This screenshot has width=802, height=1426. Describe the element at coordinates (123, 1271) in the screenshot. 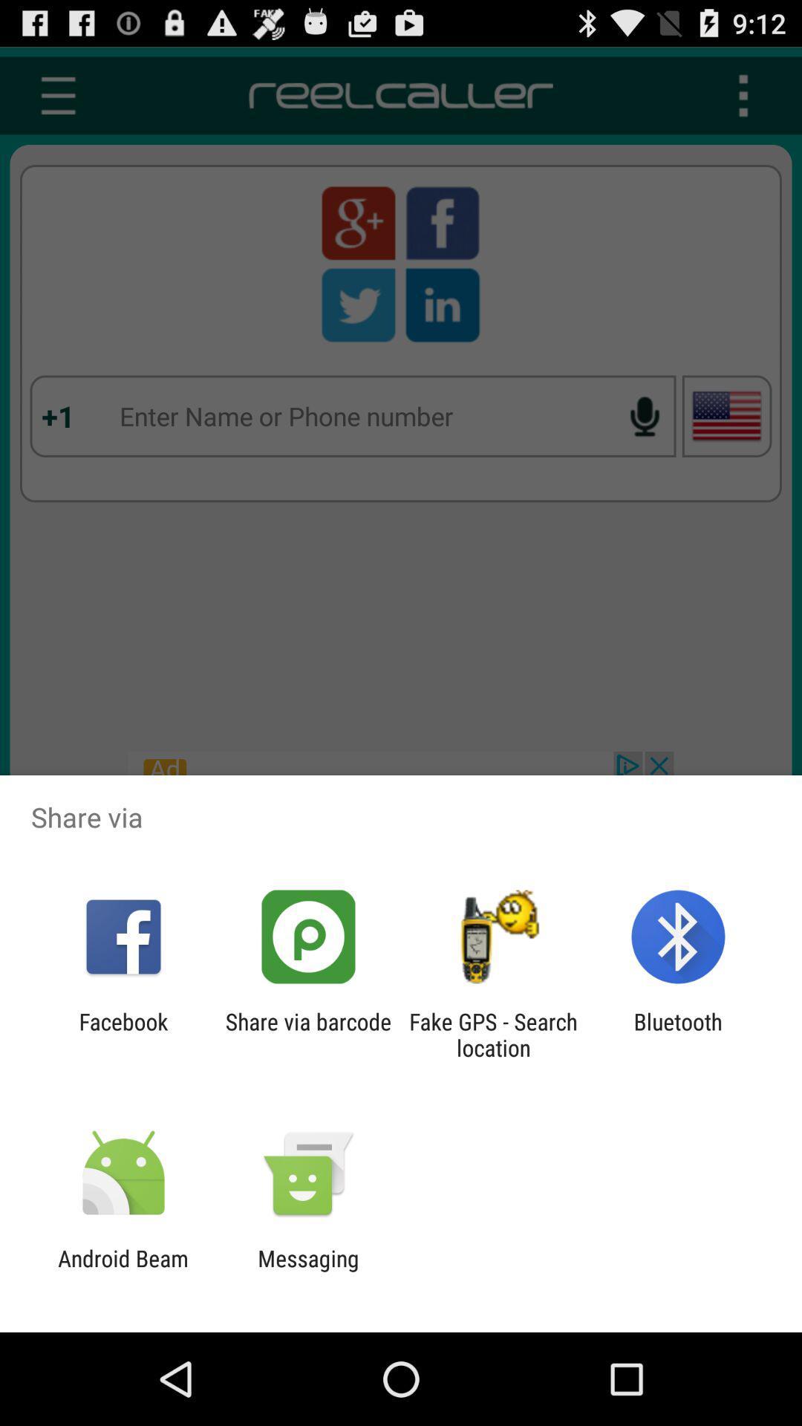

I see `the icon next to the messaging icon` at that location.